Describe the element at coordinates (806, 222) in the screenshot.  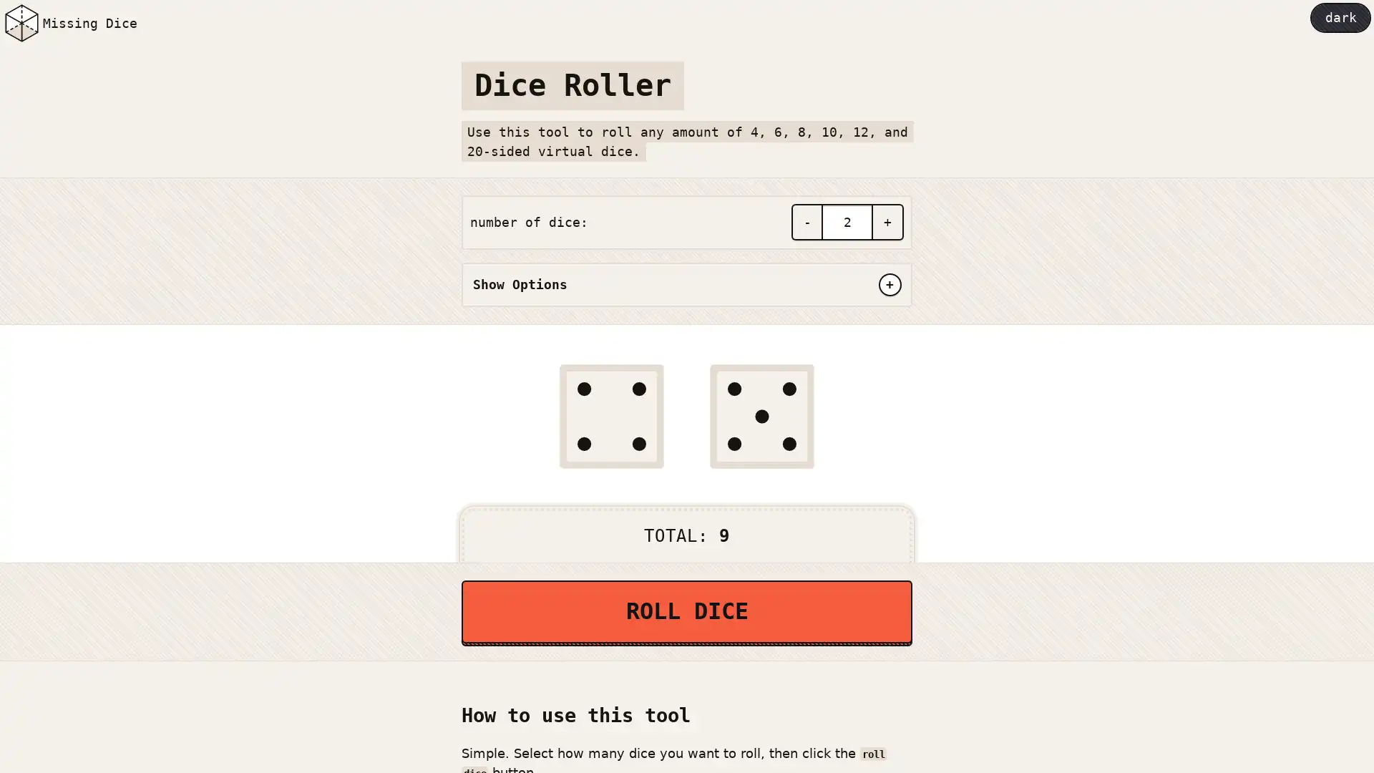
I see `minus 1` at that location.